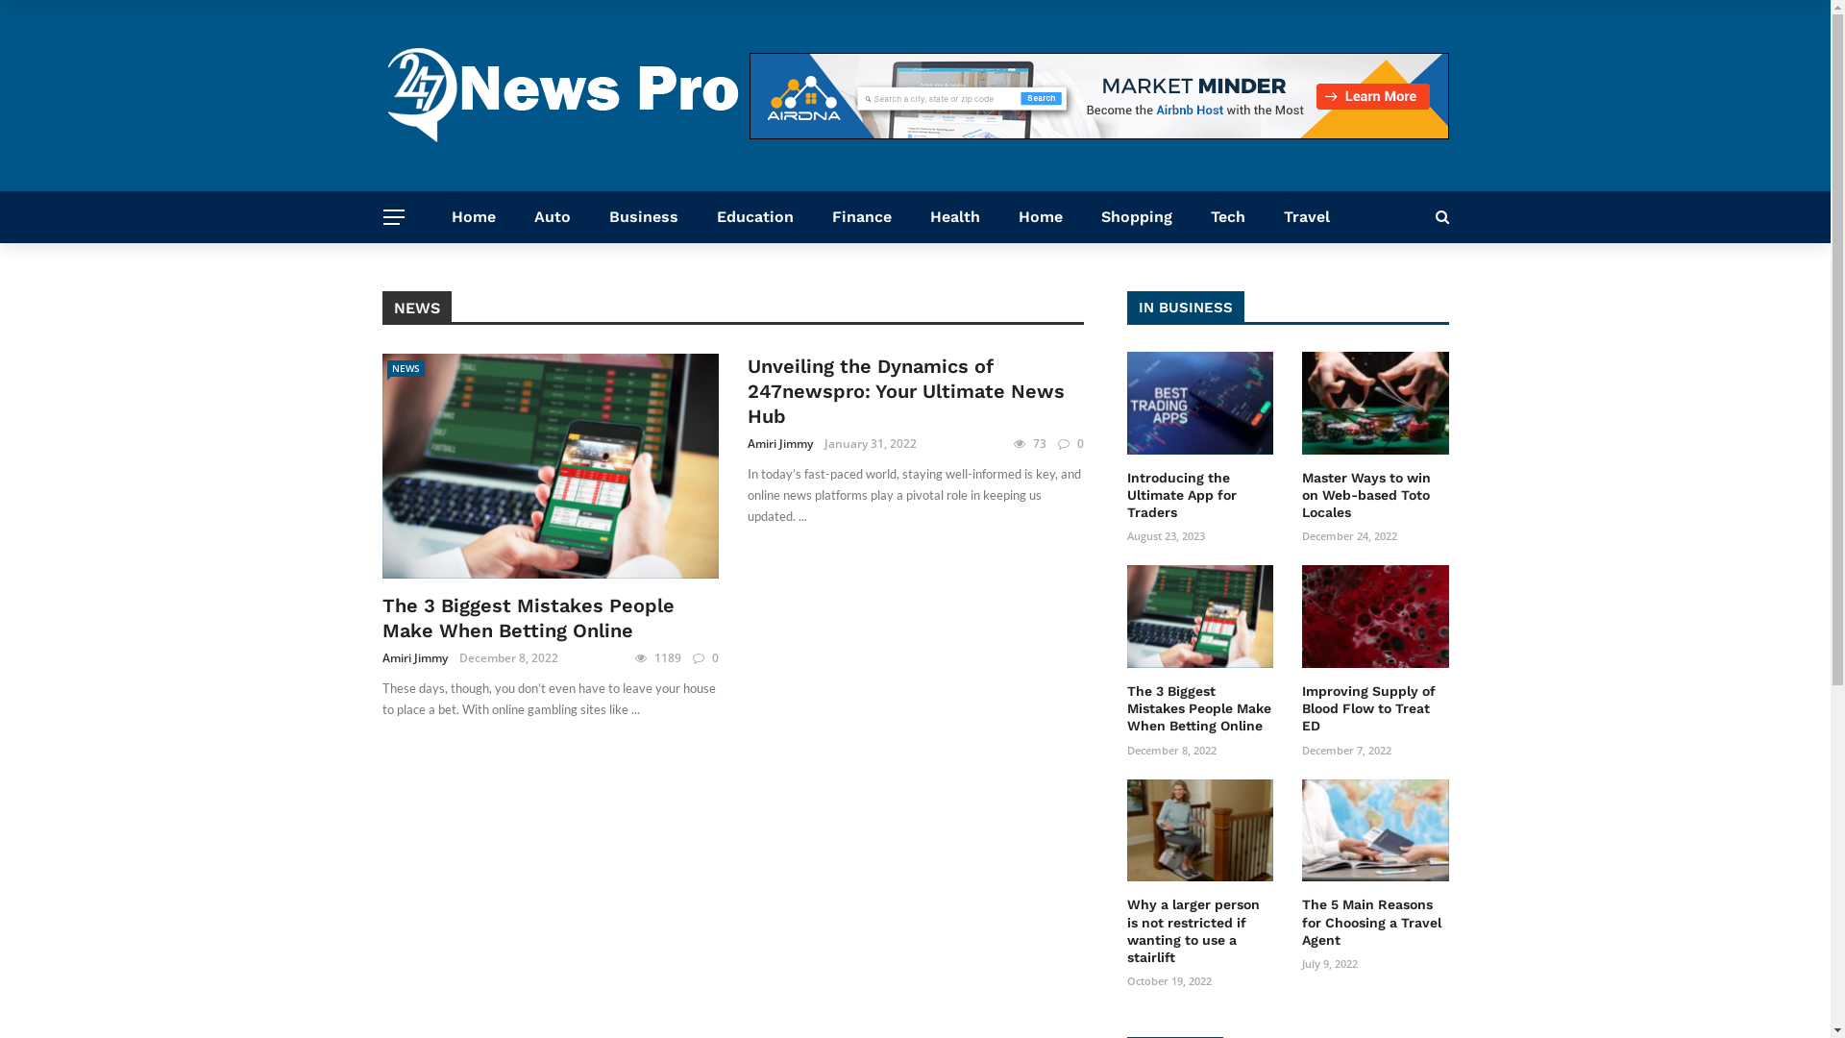 This screenshot has height=1038, width=1845. What do you see at coordinates (1226, 216) in the screenshot?
I see `'Tech'` at bounding box center [1226, 216].